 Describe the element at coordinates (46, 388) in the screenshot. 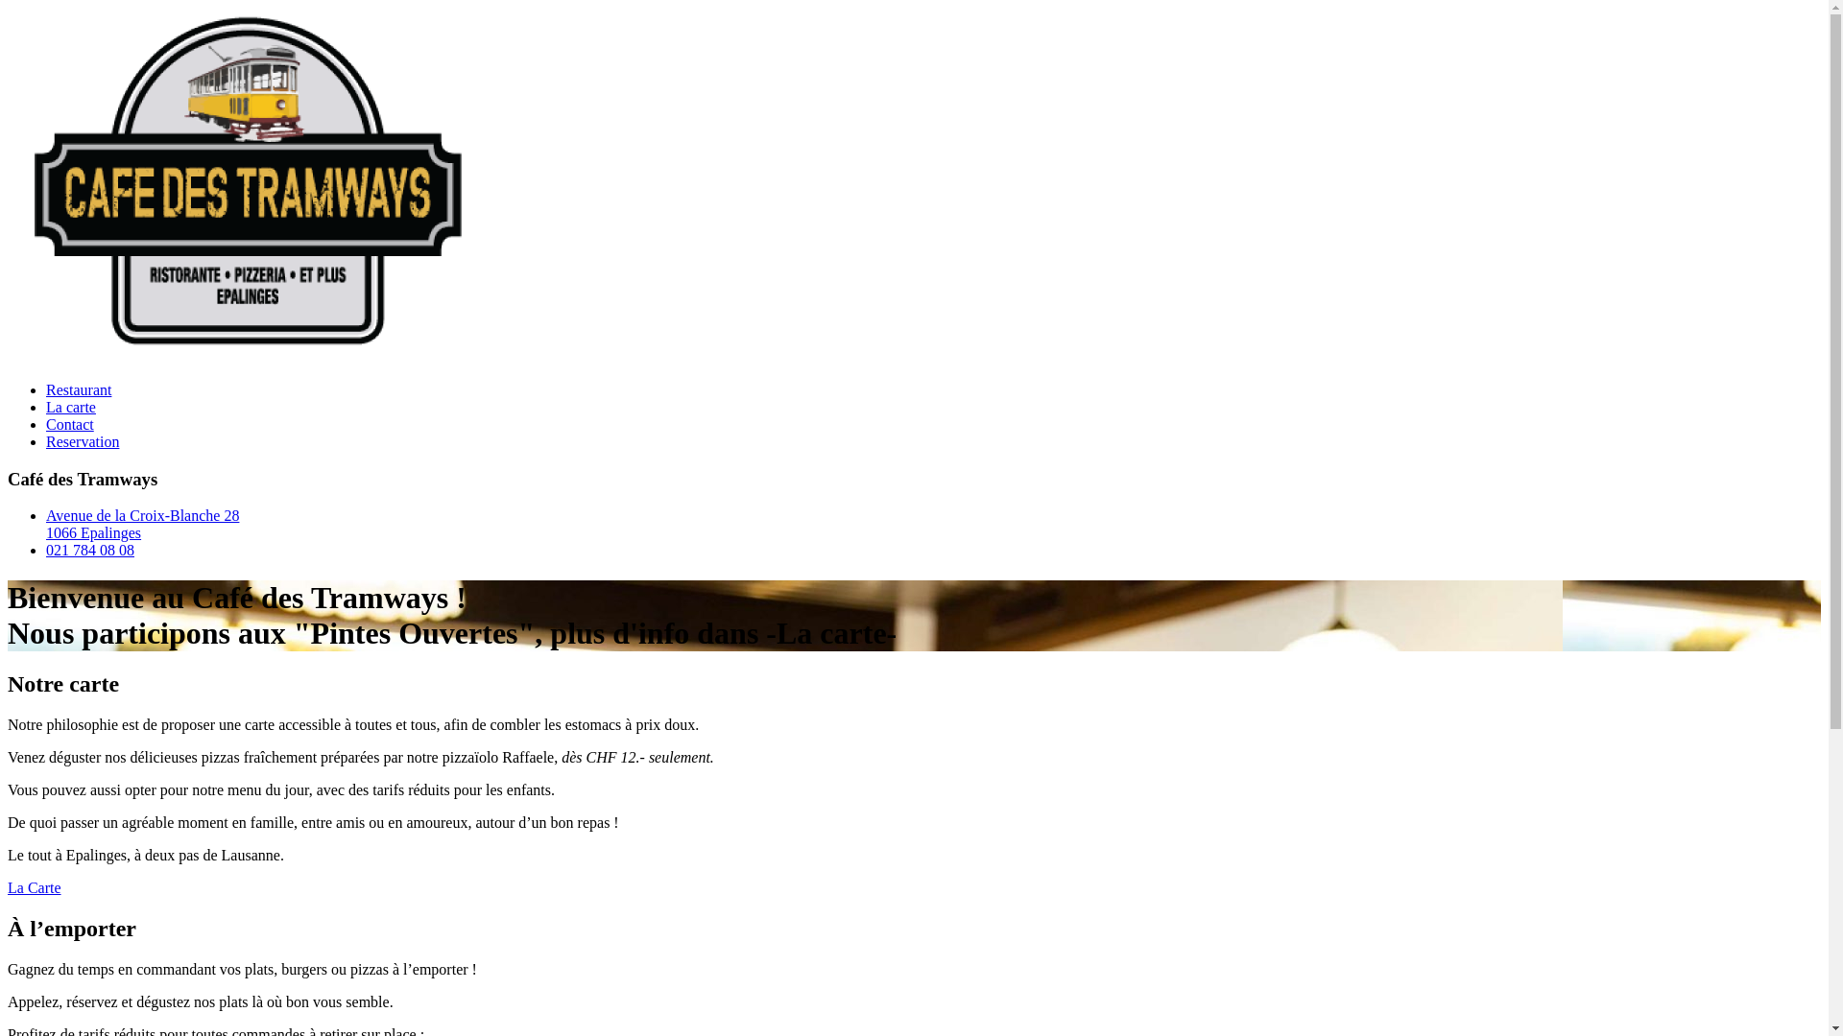

I see `'Restaurant'` at that location.